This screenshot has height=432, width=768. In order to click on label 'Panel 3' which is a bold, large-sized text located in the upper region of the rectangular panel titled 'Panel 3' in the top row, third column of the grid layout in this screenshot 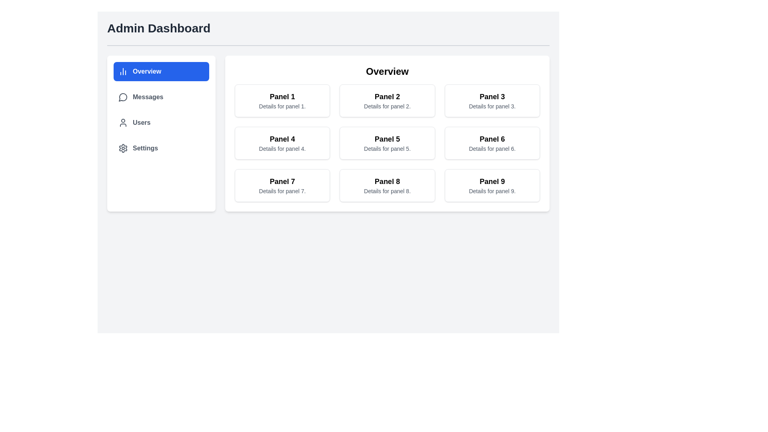, I will do `click(492, 96)`.